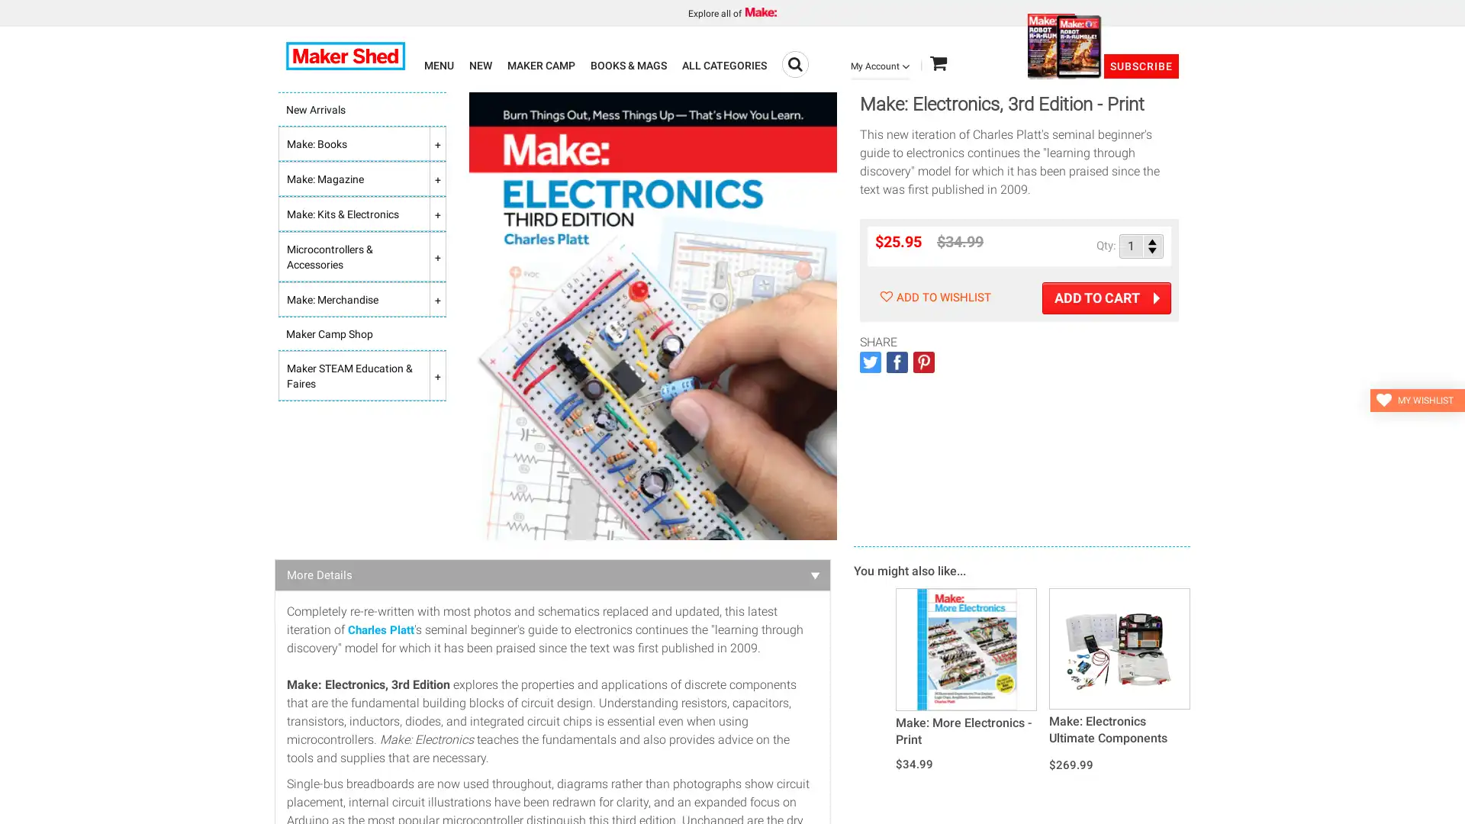  I want to click on Add to Wishlist, so click(932, 297).